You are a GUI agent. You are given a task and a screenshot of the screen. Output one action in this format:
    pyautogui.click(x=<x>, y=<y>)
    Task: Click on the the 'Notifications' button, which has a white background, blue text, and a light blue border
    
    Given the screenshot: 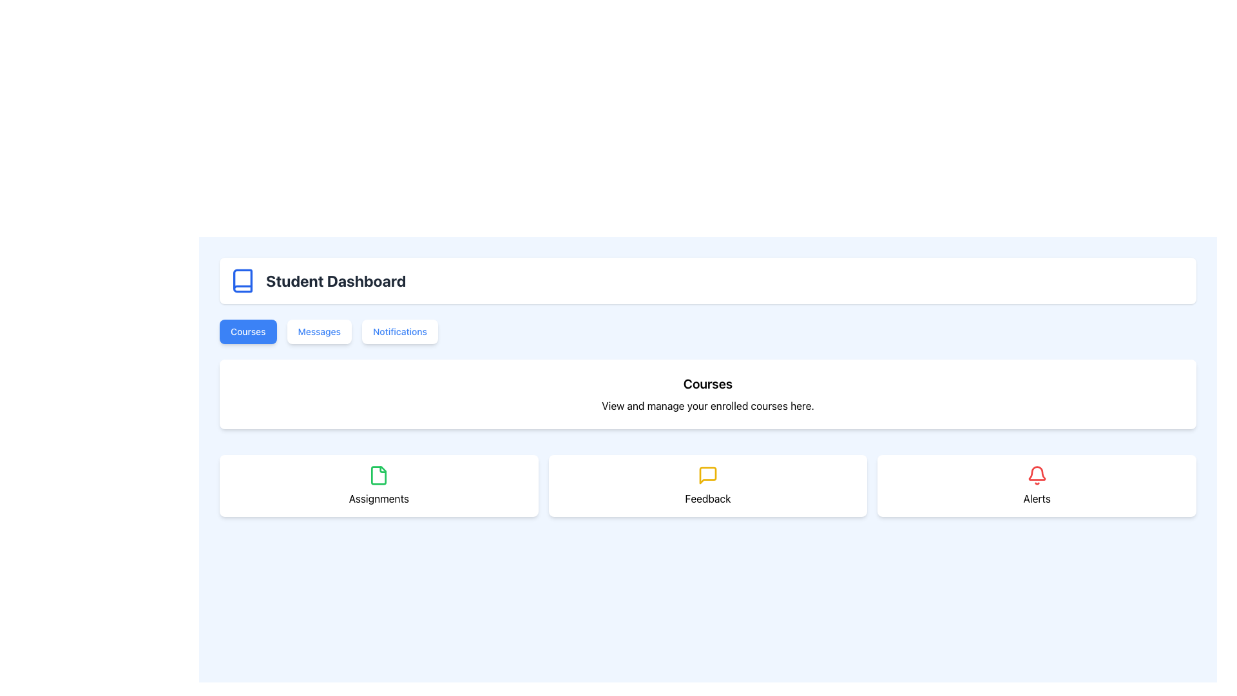 What is the action you would take?
    pyautogui.click(x=399, y=331)
    